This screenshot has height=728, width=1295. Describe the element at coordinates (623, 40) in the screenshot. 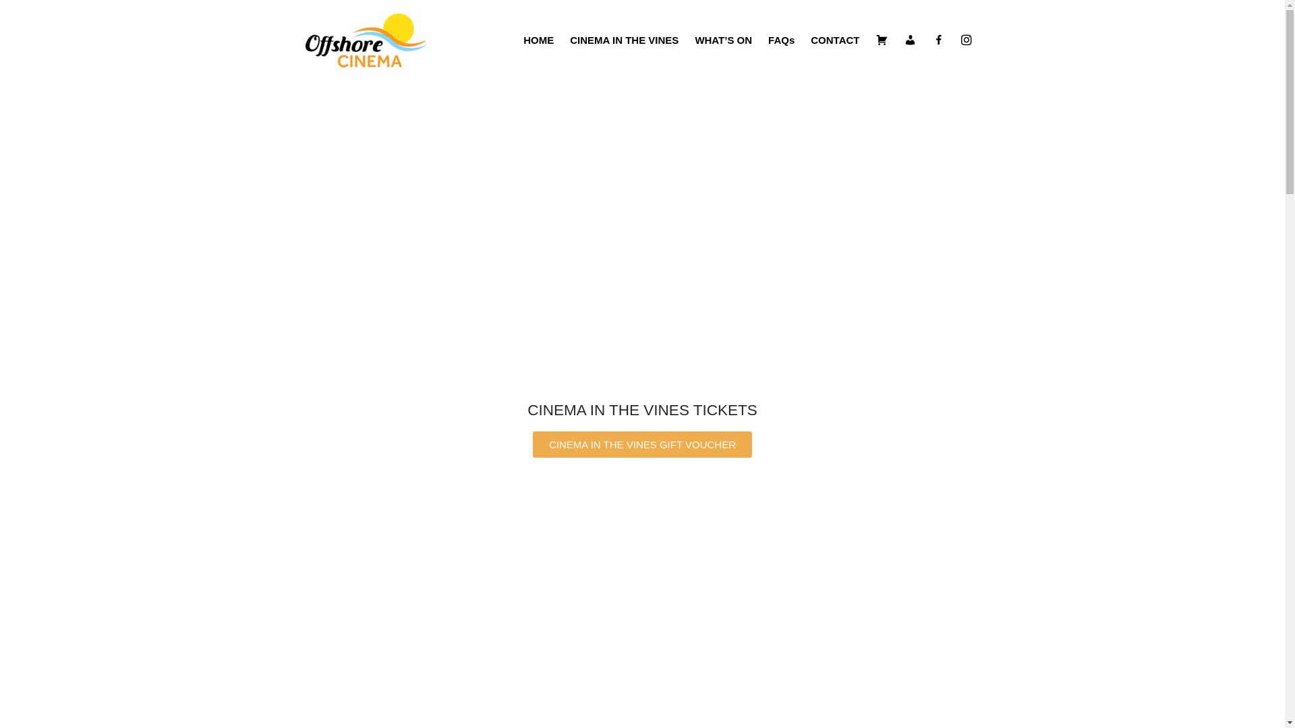

I see `'CINEMA IN THE VINES'` at that location.